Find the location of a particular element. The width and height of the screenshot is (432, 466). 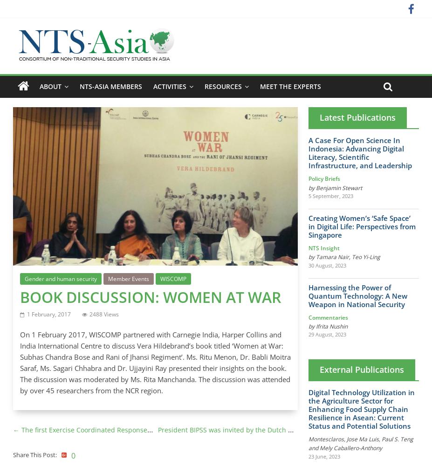

'Harnessing the Power of Quantum Technology: A New Weapon in National Security' is located at coordinates (357, 295).